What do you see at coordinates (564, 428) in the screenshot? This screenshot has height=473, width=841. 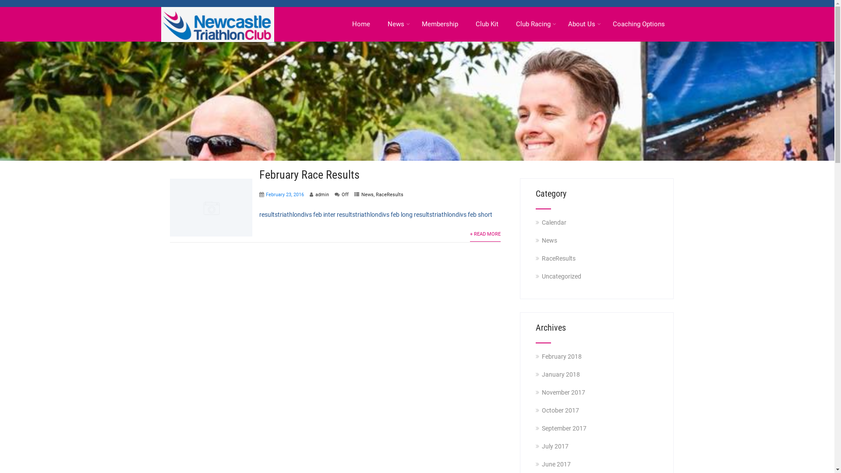 I see `'September 2017'` at bounding box center [564, 428].